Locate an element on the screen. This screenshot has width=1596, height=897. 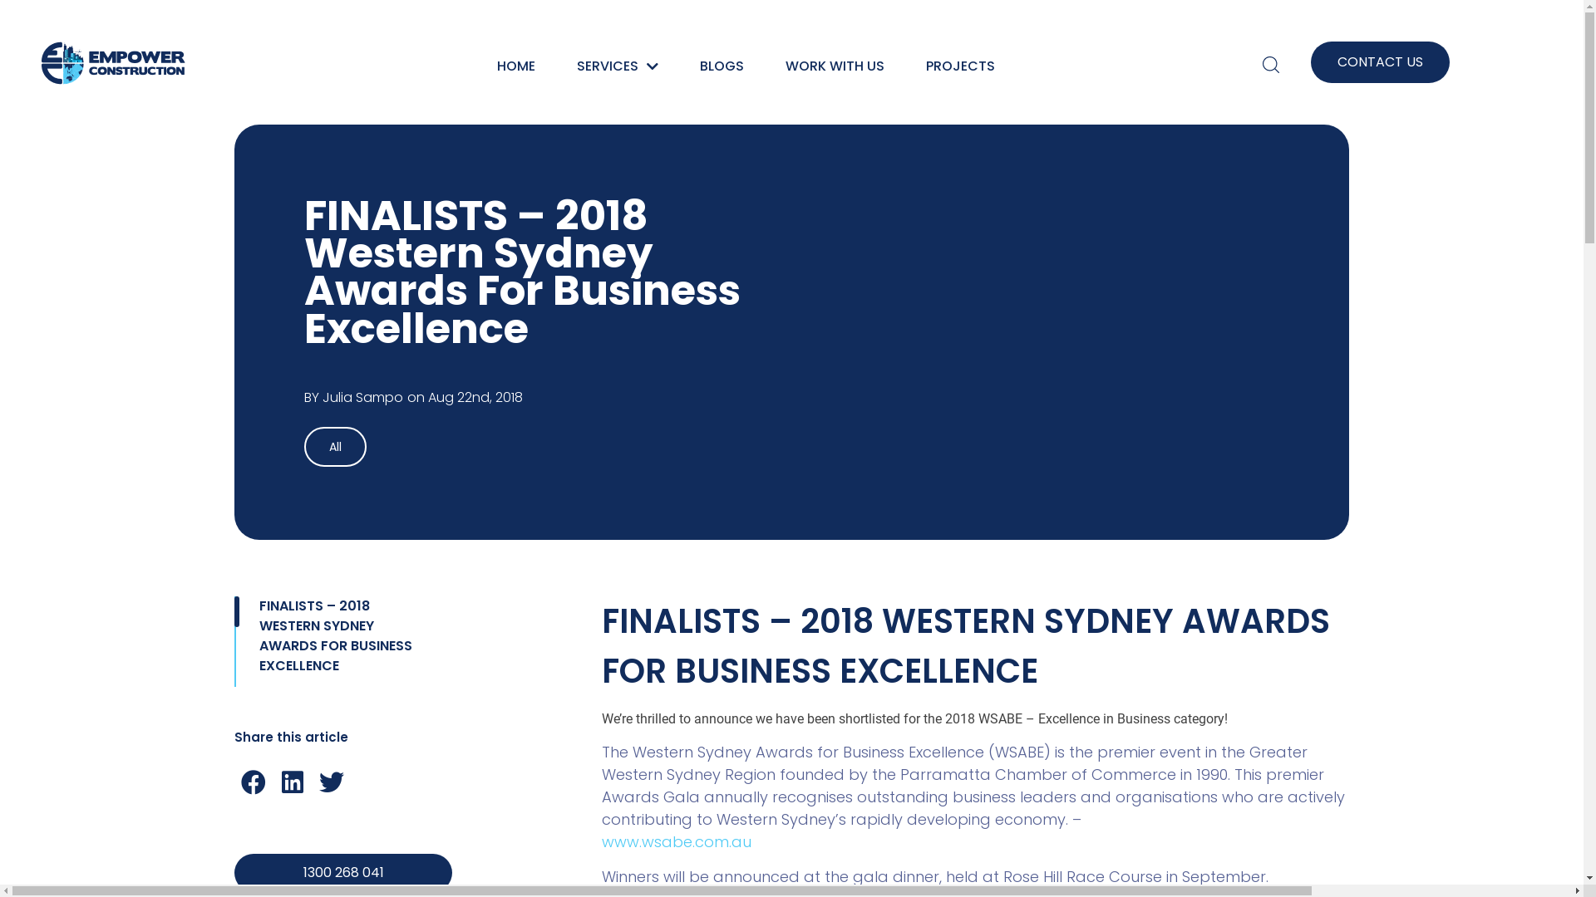
'SERVICES' is located at coordinates (555, 63).